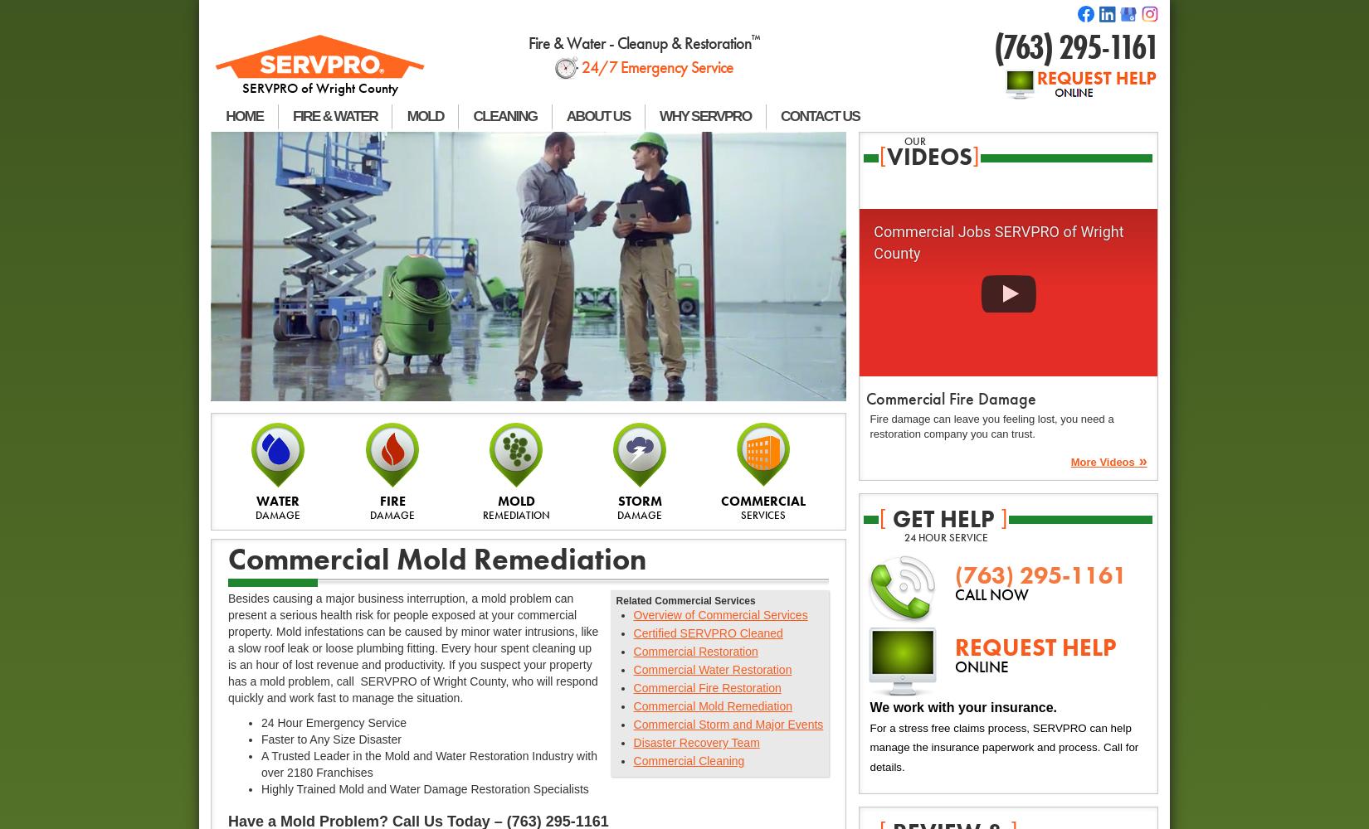 The height and width of the screenshot is (829, 1369). Describe the element at coordinates (763, 499) in the screenshot. I see `'COMMERCIAL'` at that location.